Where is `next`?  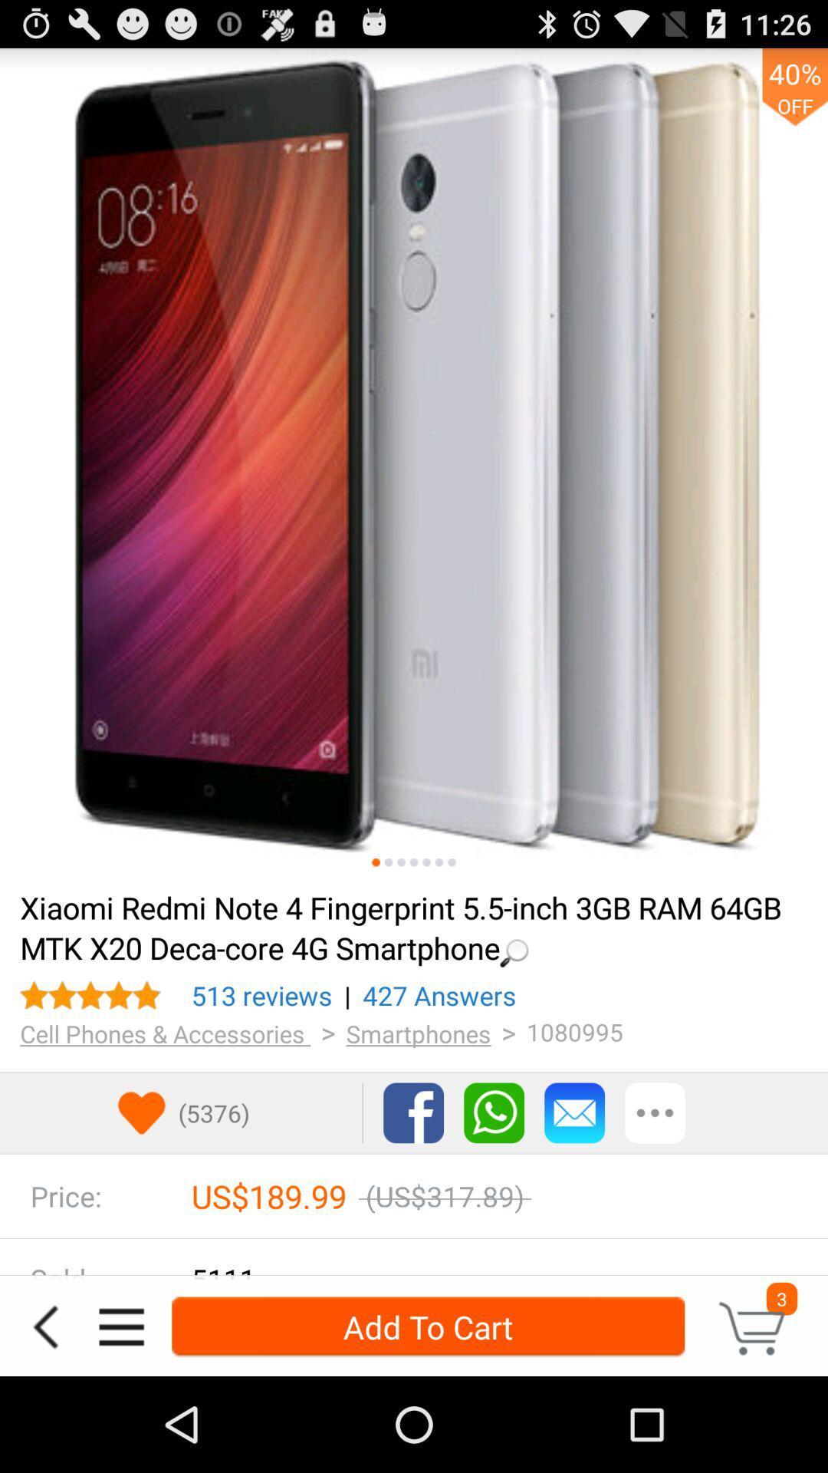 next is located at coordinates (451, 862).